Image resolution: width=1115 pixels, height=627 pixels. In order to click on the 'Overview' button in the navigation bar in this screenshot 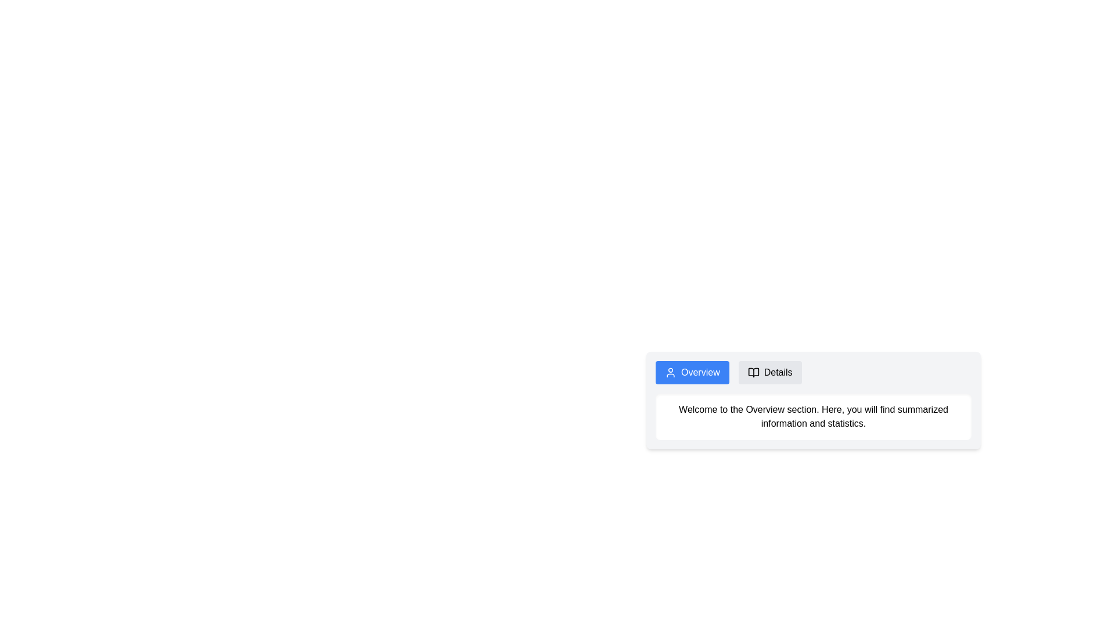, I will do `click(671, 372)`.